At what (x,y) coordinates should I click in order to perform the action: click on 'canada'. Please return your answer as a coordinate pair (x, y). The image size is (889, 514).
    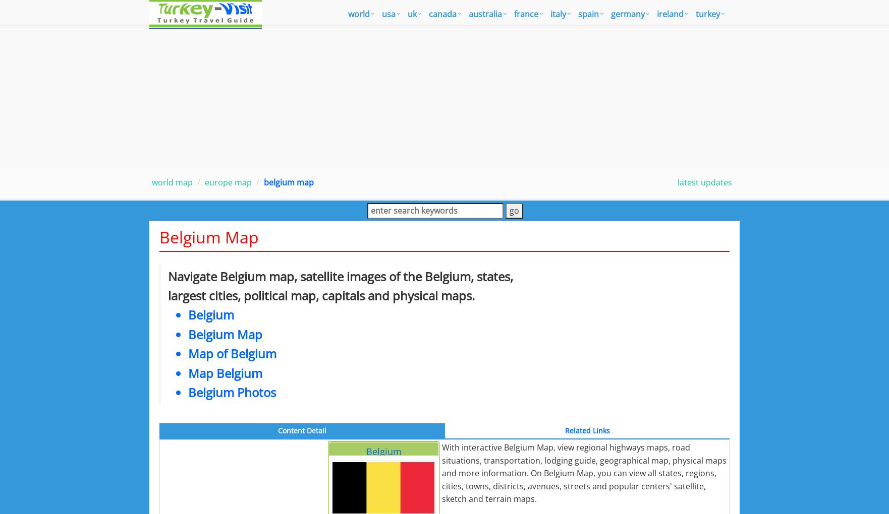
    Looking at the image, I should click on (442, 14).